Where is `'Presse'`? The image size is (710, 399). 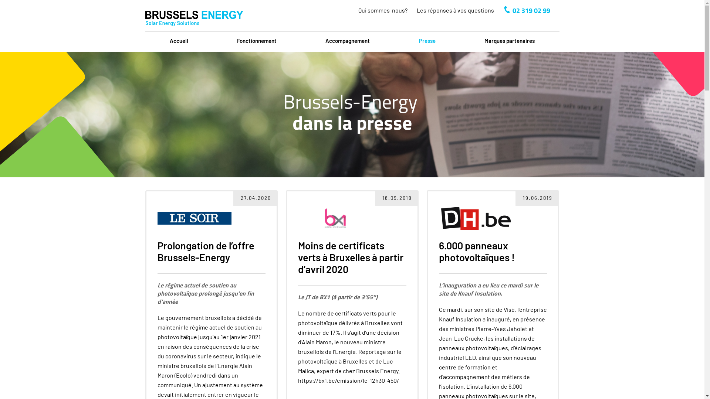 'Presse' is located at coordinates (427, 41).